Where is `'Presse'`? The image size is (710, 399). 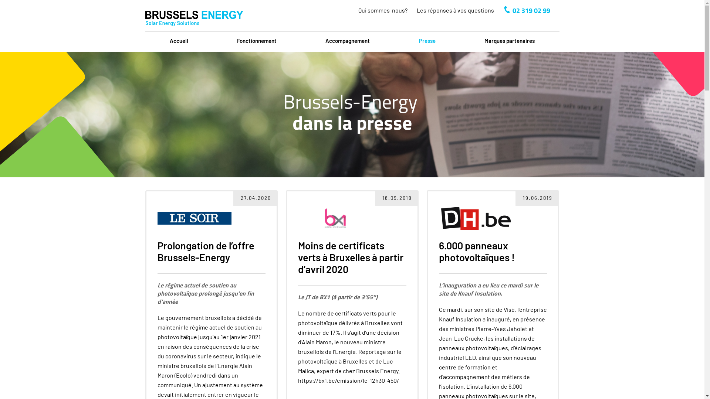 'Presse' is located at coordinates (427, 41).